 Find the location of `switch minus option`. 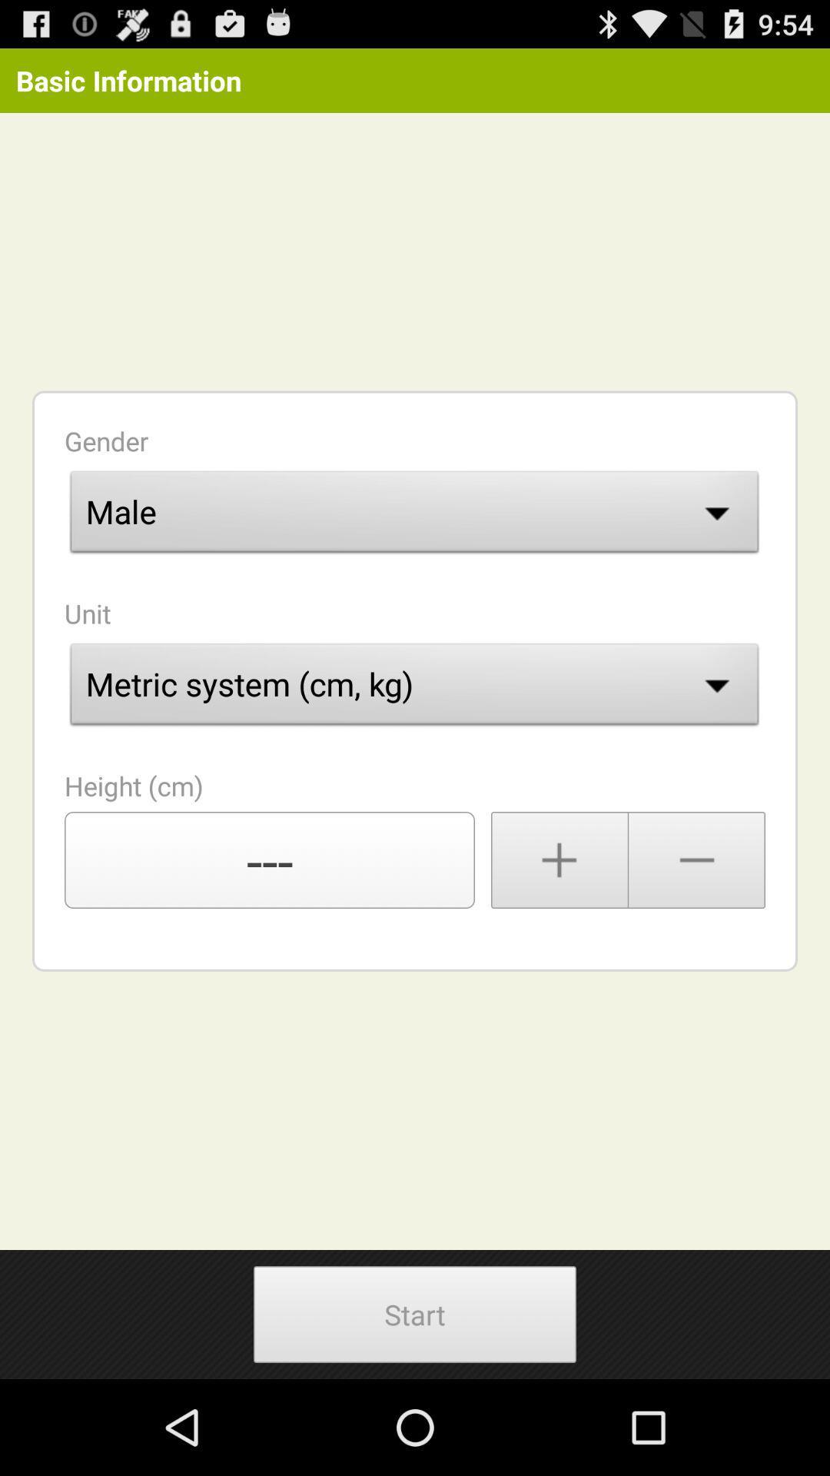

switch minus option is located at coordinates (697, 859).